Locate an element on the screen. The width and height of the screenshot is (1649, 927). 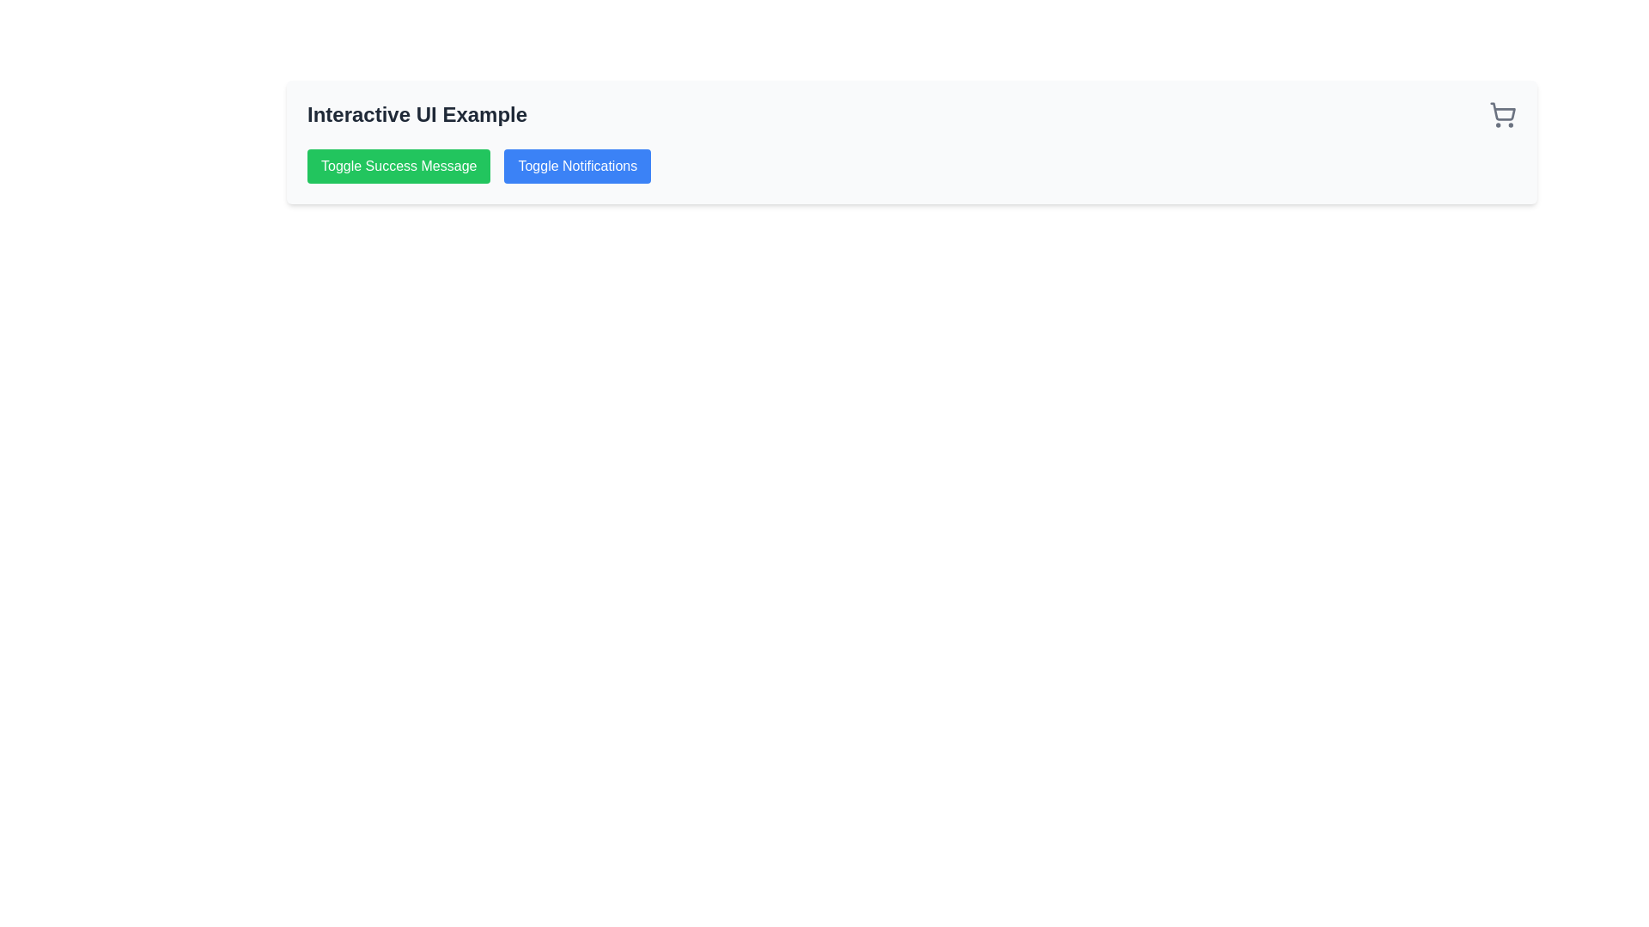
the Shopping Cart icon located in the top-right corner of the interface, which is characterized by its lower rectangular portion and upper angled handle is located at coordinates (1502, 112).